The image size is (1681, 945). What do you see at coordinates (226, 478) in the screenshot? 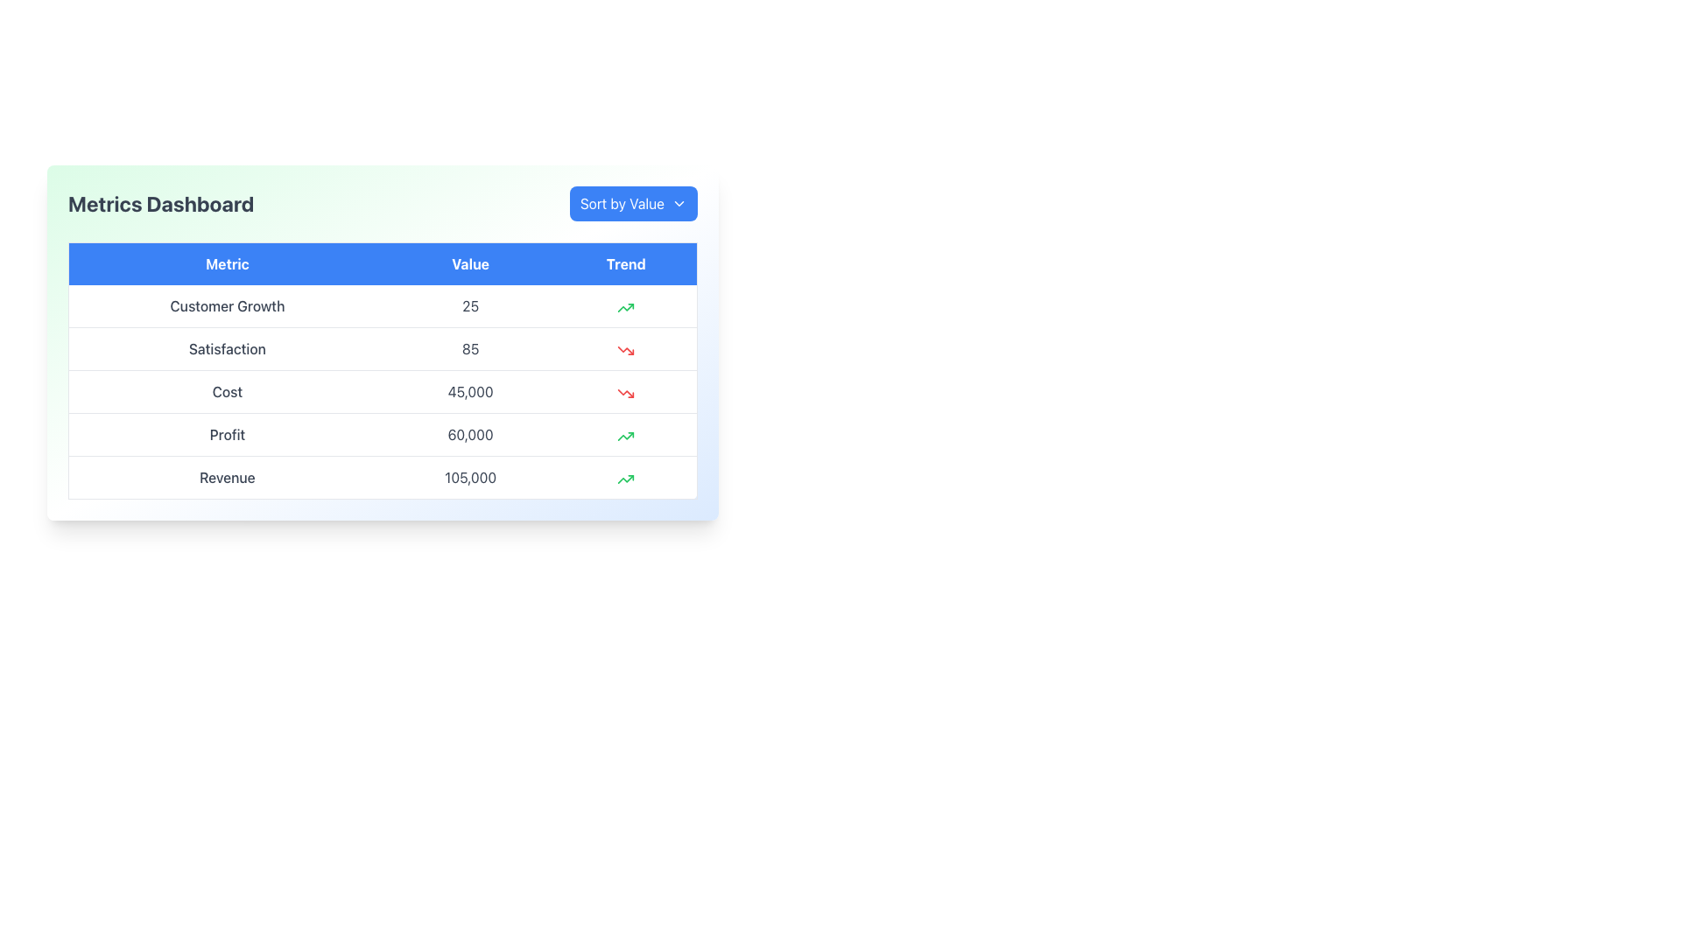
I see `text from the Text label located in the leftmost column labeled 'Metric' in the fifth row of the metrics section, next to the value '105,000'` at bounding box center [226, 478].